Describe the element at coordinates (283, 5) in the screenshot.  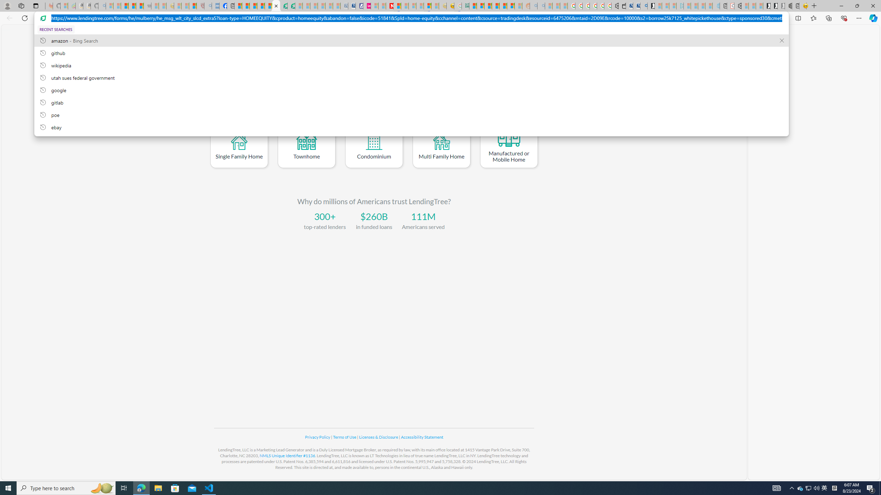
I see `'Terms of Use Agreement'` at that location.